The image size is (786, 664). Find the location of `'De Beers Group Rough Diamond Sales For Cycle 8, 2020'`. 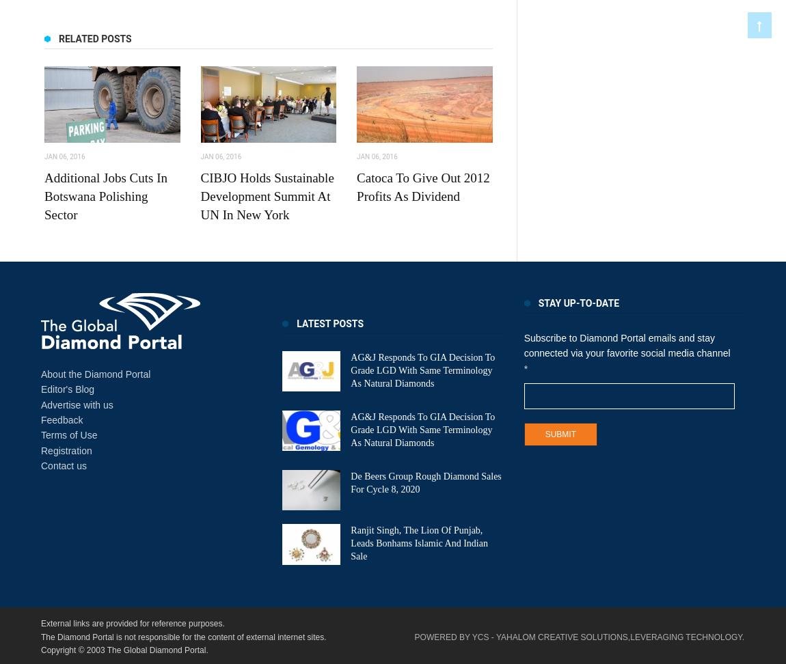

'De Beers Group Rough Diamond Sales For Cycle 8, 2020' is located at coordinates (351, 481).